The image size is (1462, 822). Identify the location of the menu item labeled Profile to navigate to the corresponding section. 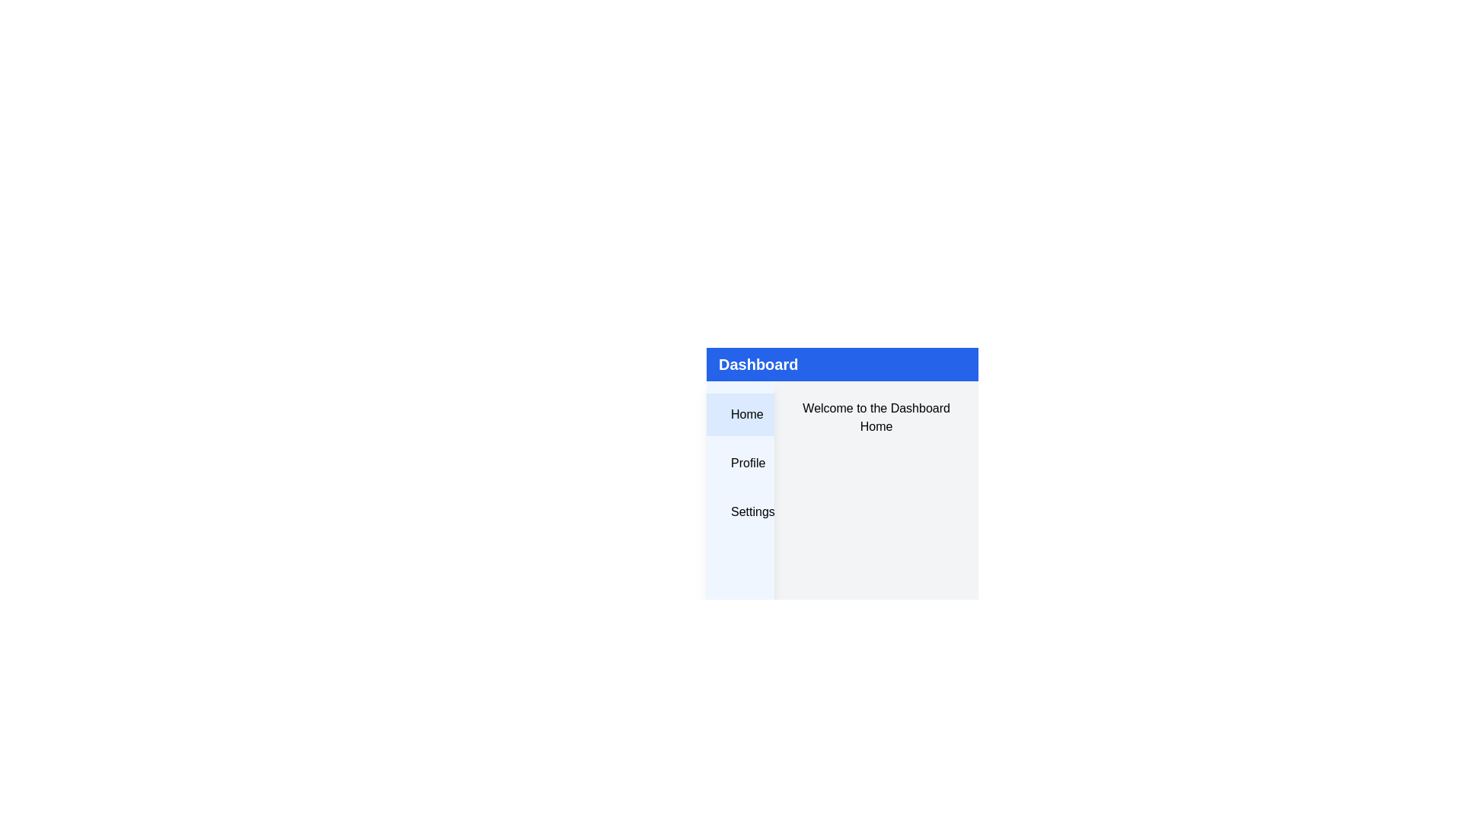
(740, 463).